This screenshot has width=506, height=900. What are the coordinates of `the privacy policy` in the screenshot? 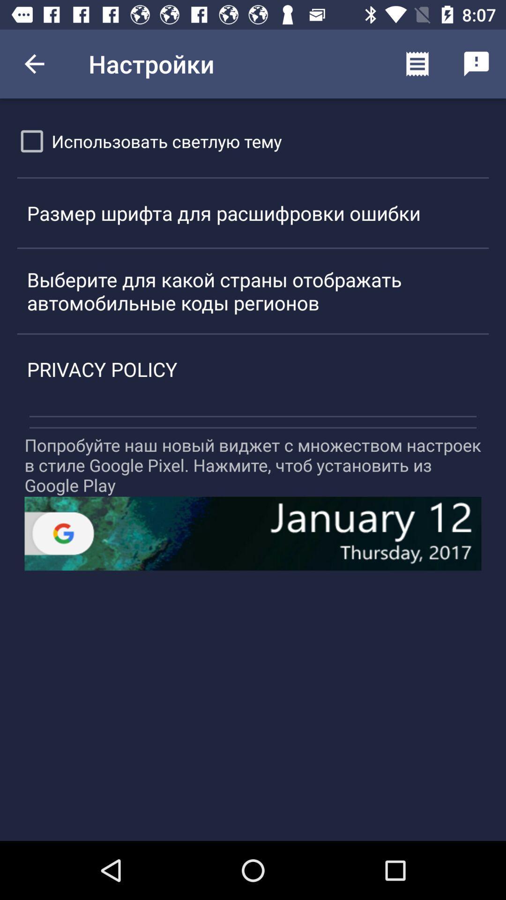 It's located at (253, 368).